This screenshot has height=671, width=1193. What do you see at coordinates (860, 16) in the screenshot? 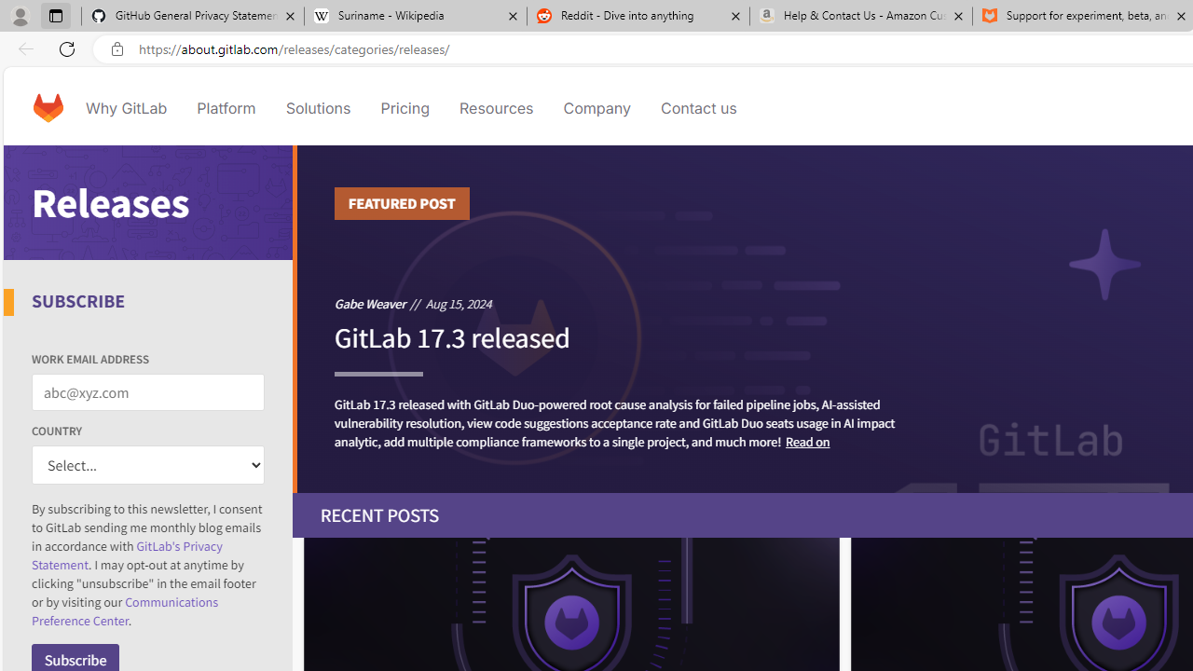
I see `'Help & Contact Us - Amazon Customer Service - Sleeping'` at bounding box center [860, 16].